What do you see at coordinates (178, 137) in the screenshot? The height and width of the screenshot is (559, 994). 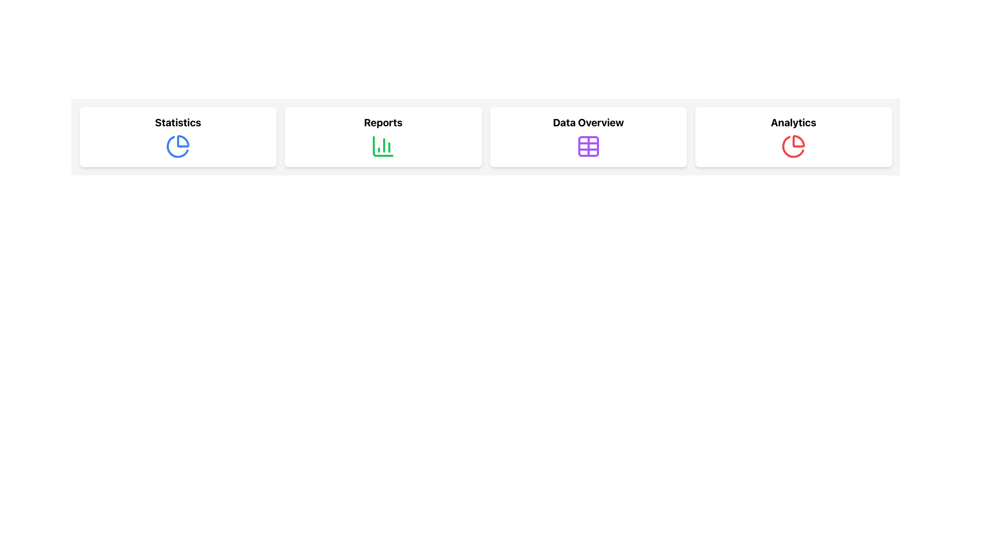 I see `the 'Statistics' card, which is the first card in a grid layout with a bold 'Statistics' text and a blue pie-chart icon` at bounding box center [178, 137].